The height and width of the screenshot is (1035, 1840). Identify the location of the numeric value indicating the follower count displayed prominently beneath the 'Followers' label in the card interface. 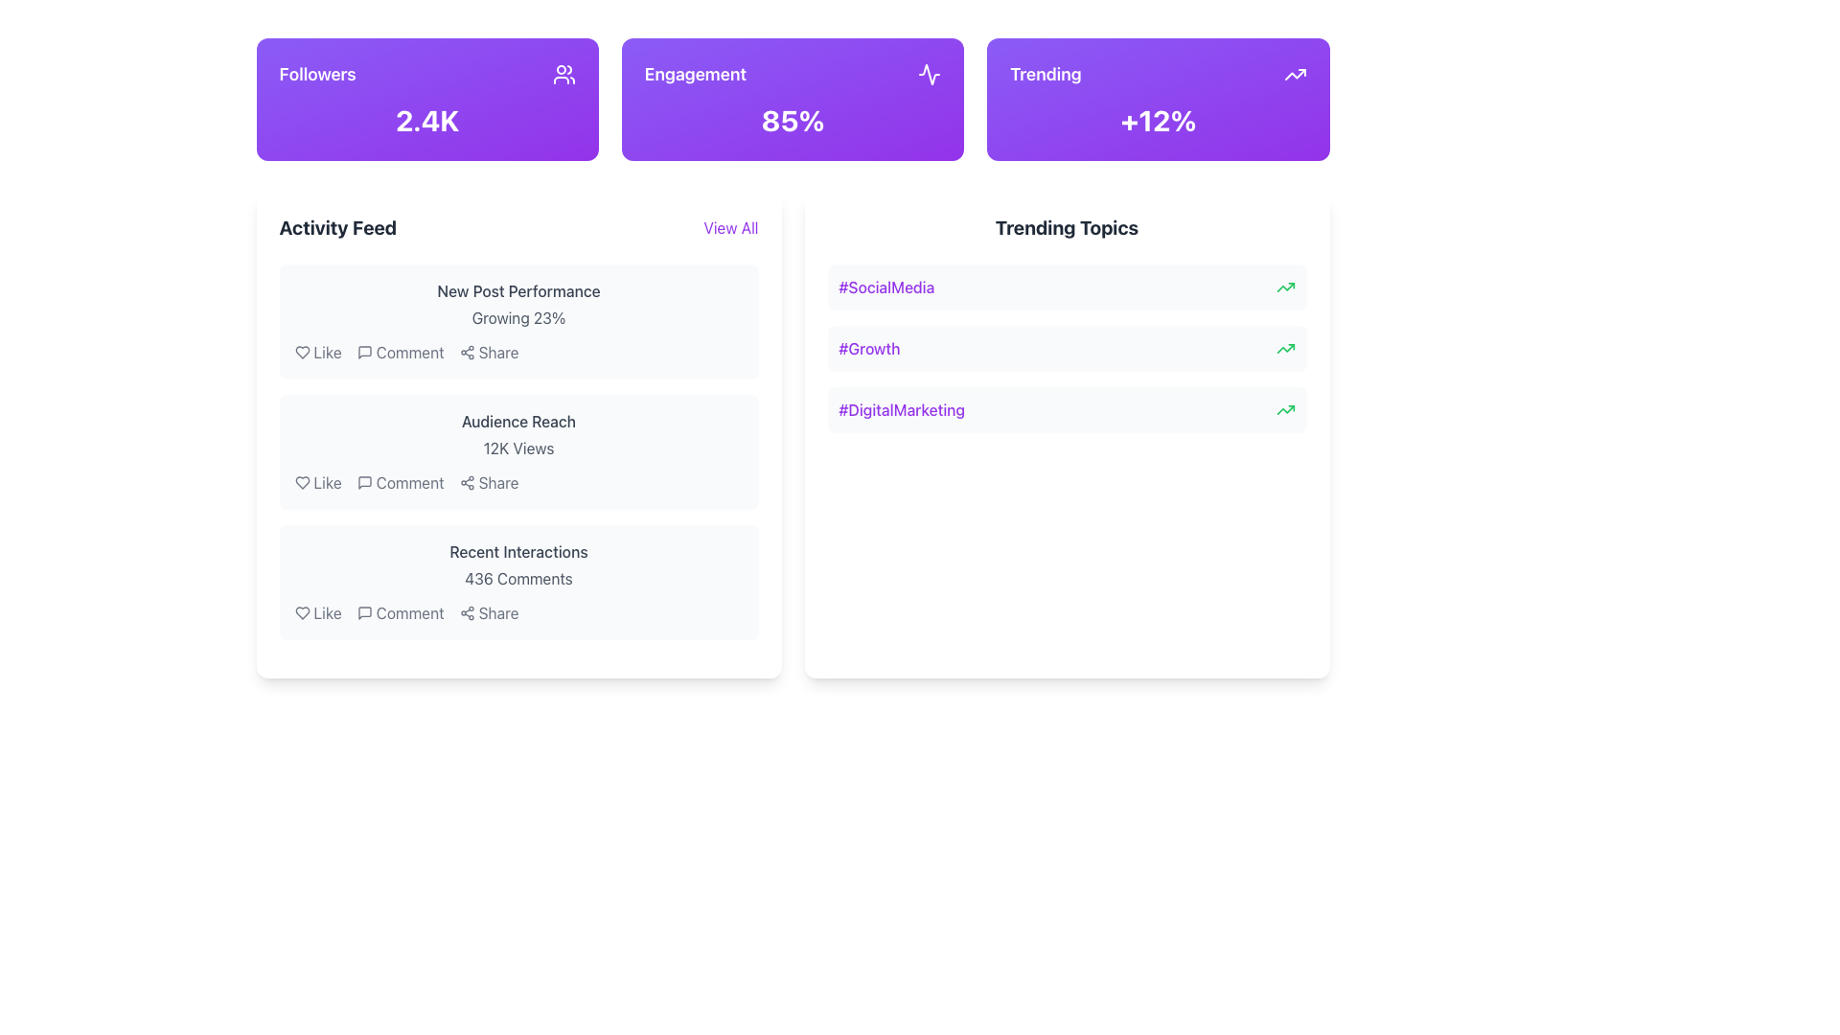
(426, 121).